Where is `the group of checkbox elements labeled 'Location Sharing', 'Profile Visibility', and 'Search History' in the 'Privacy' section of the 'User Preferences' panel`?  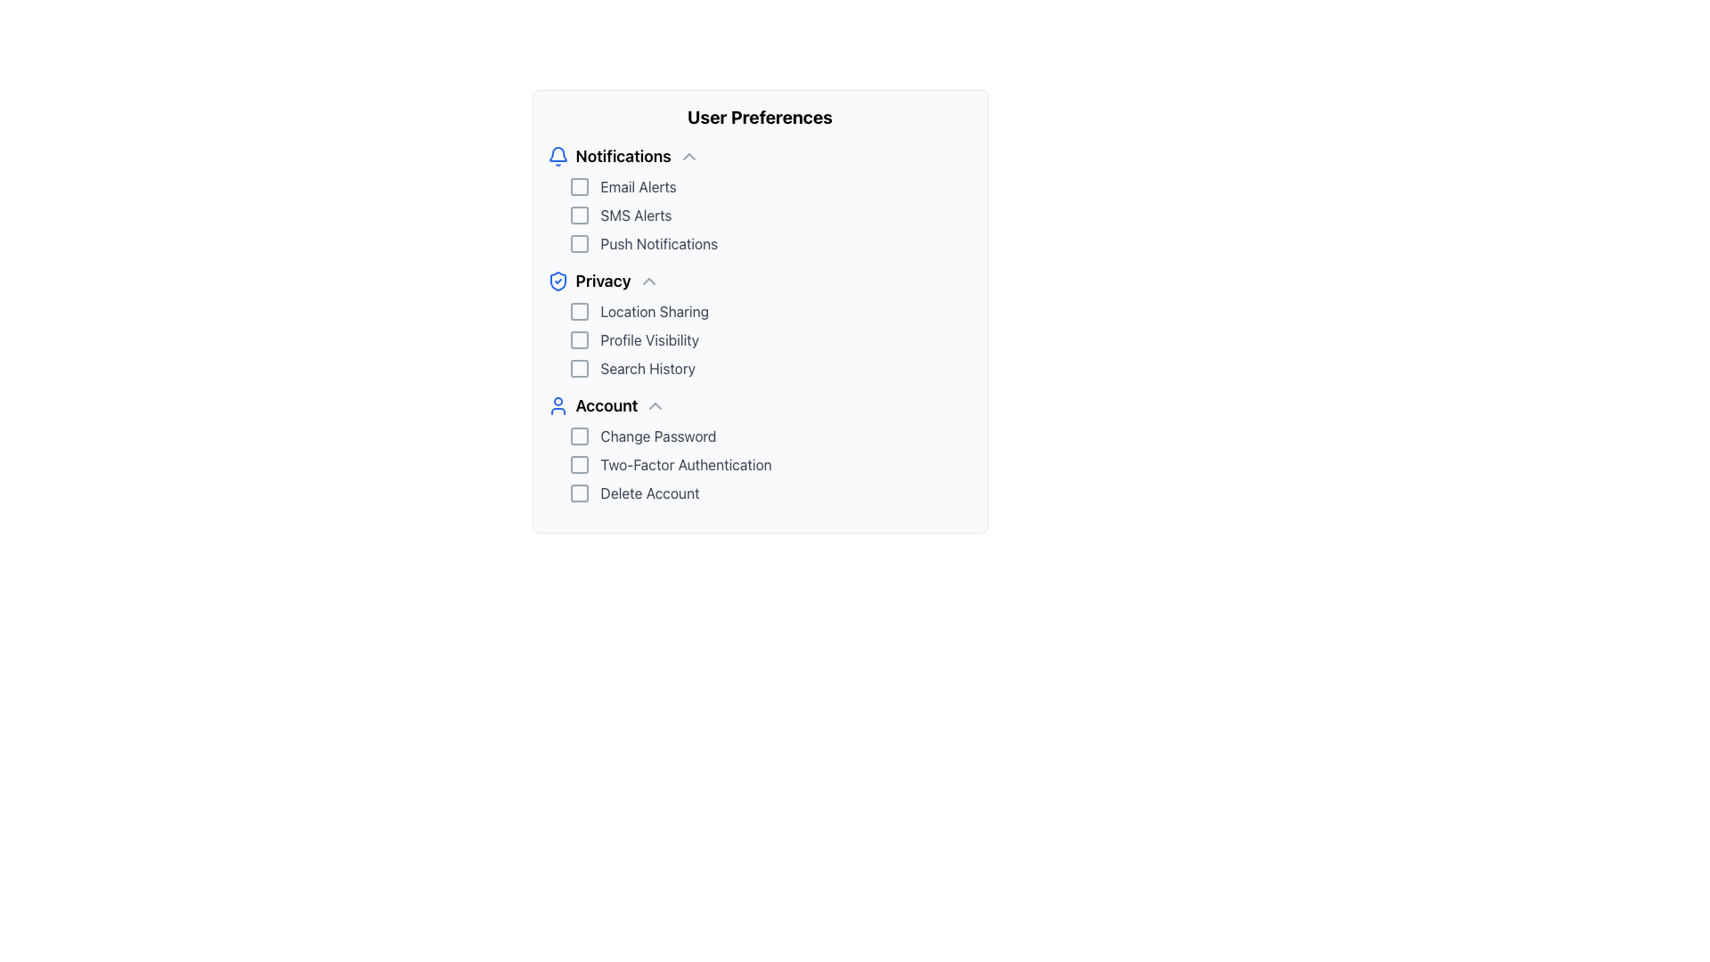
the group of checkbox elements labeled 'Location Sharing', 'Profile Visibility', and 'Search History' in the 'Privacy' section of the 'User Preferences' panel is located at coordinates (760, 339).